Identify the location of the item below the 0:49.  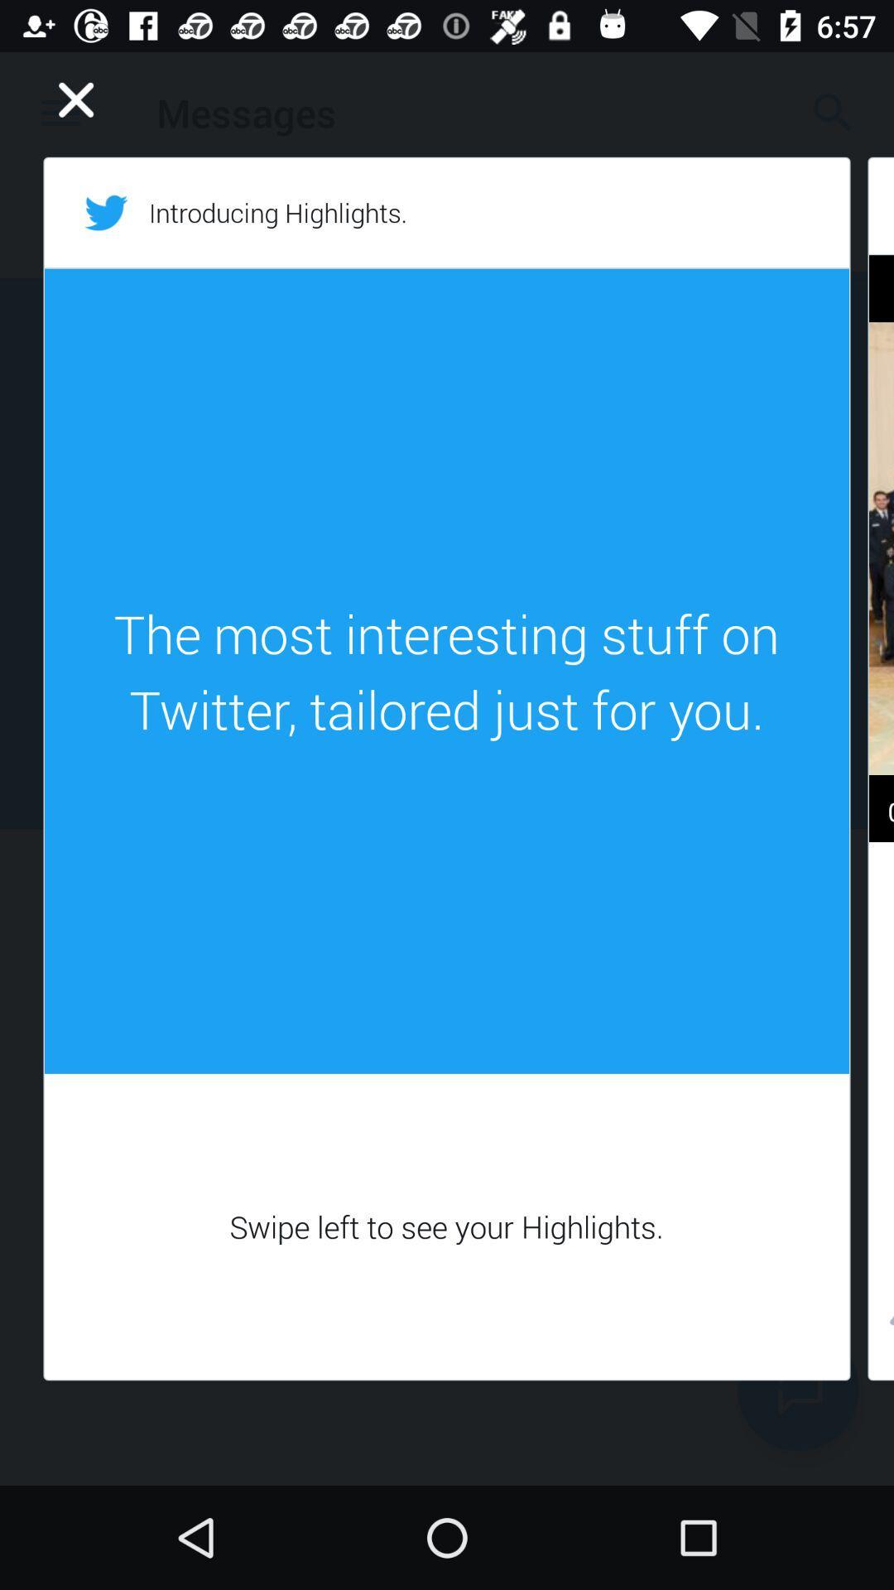
(880, 1325).